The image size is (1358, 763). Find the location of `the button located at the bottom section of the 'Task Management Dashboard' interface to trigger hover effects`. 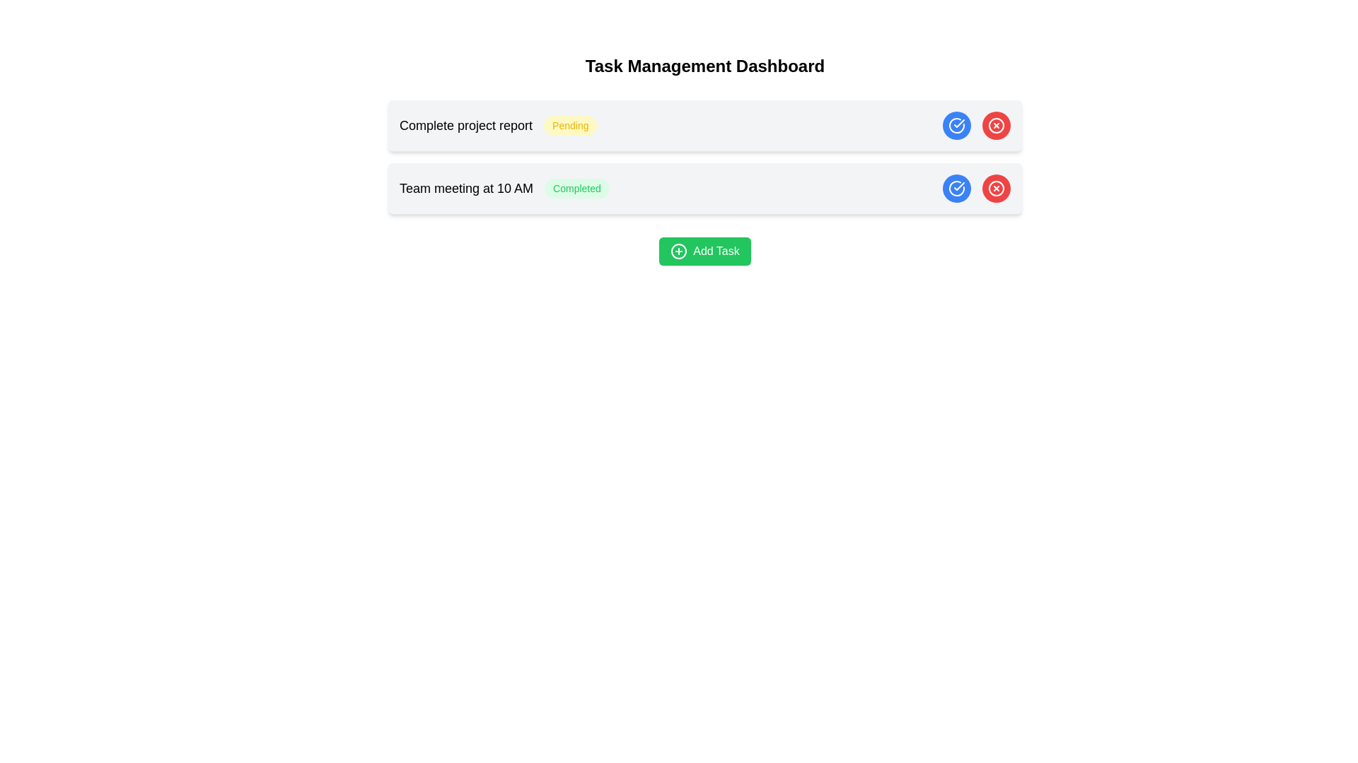

the button located at the bottom section of the 'Task Management Dashboard' interface to trigger hover effects is located at coordinates (705, 250).